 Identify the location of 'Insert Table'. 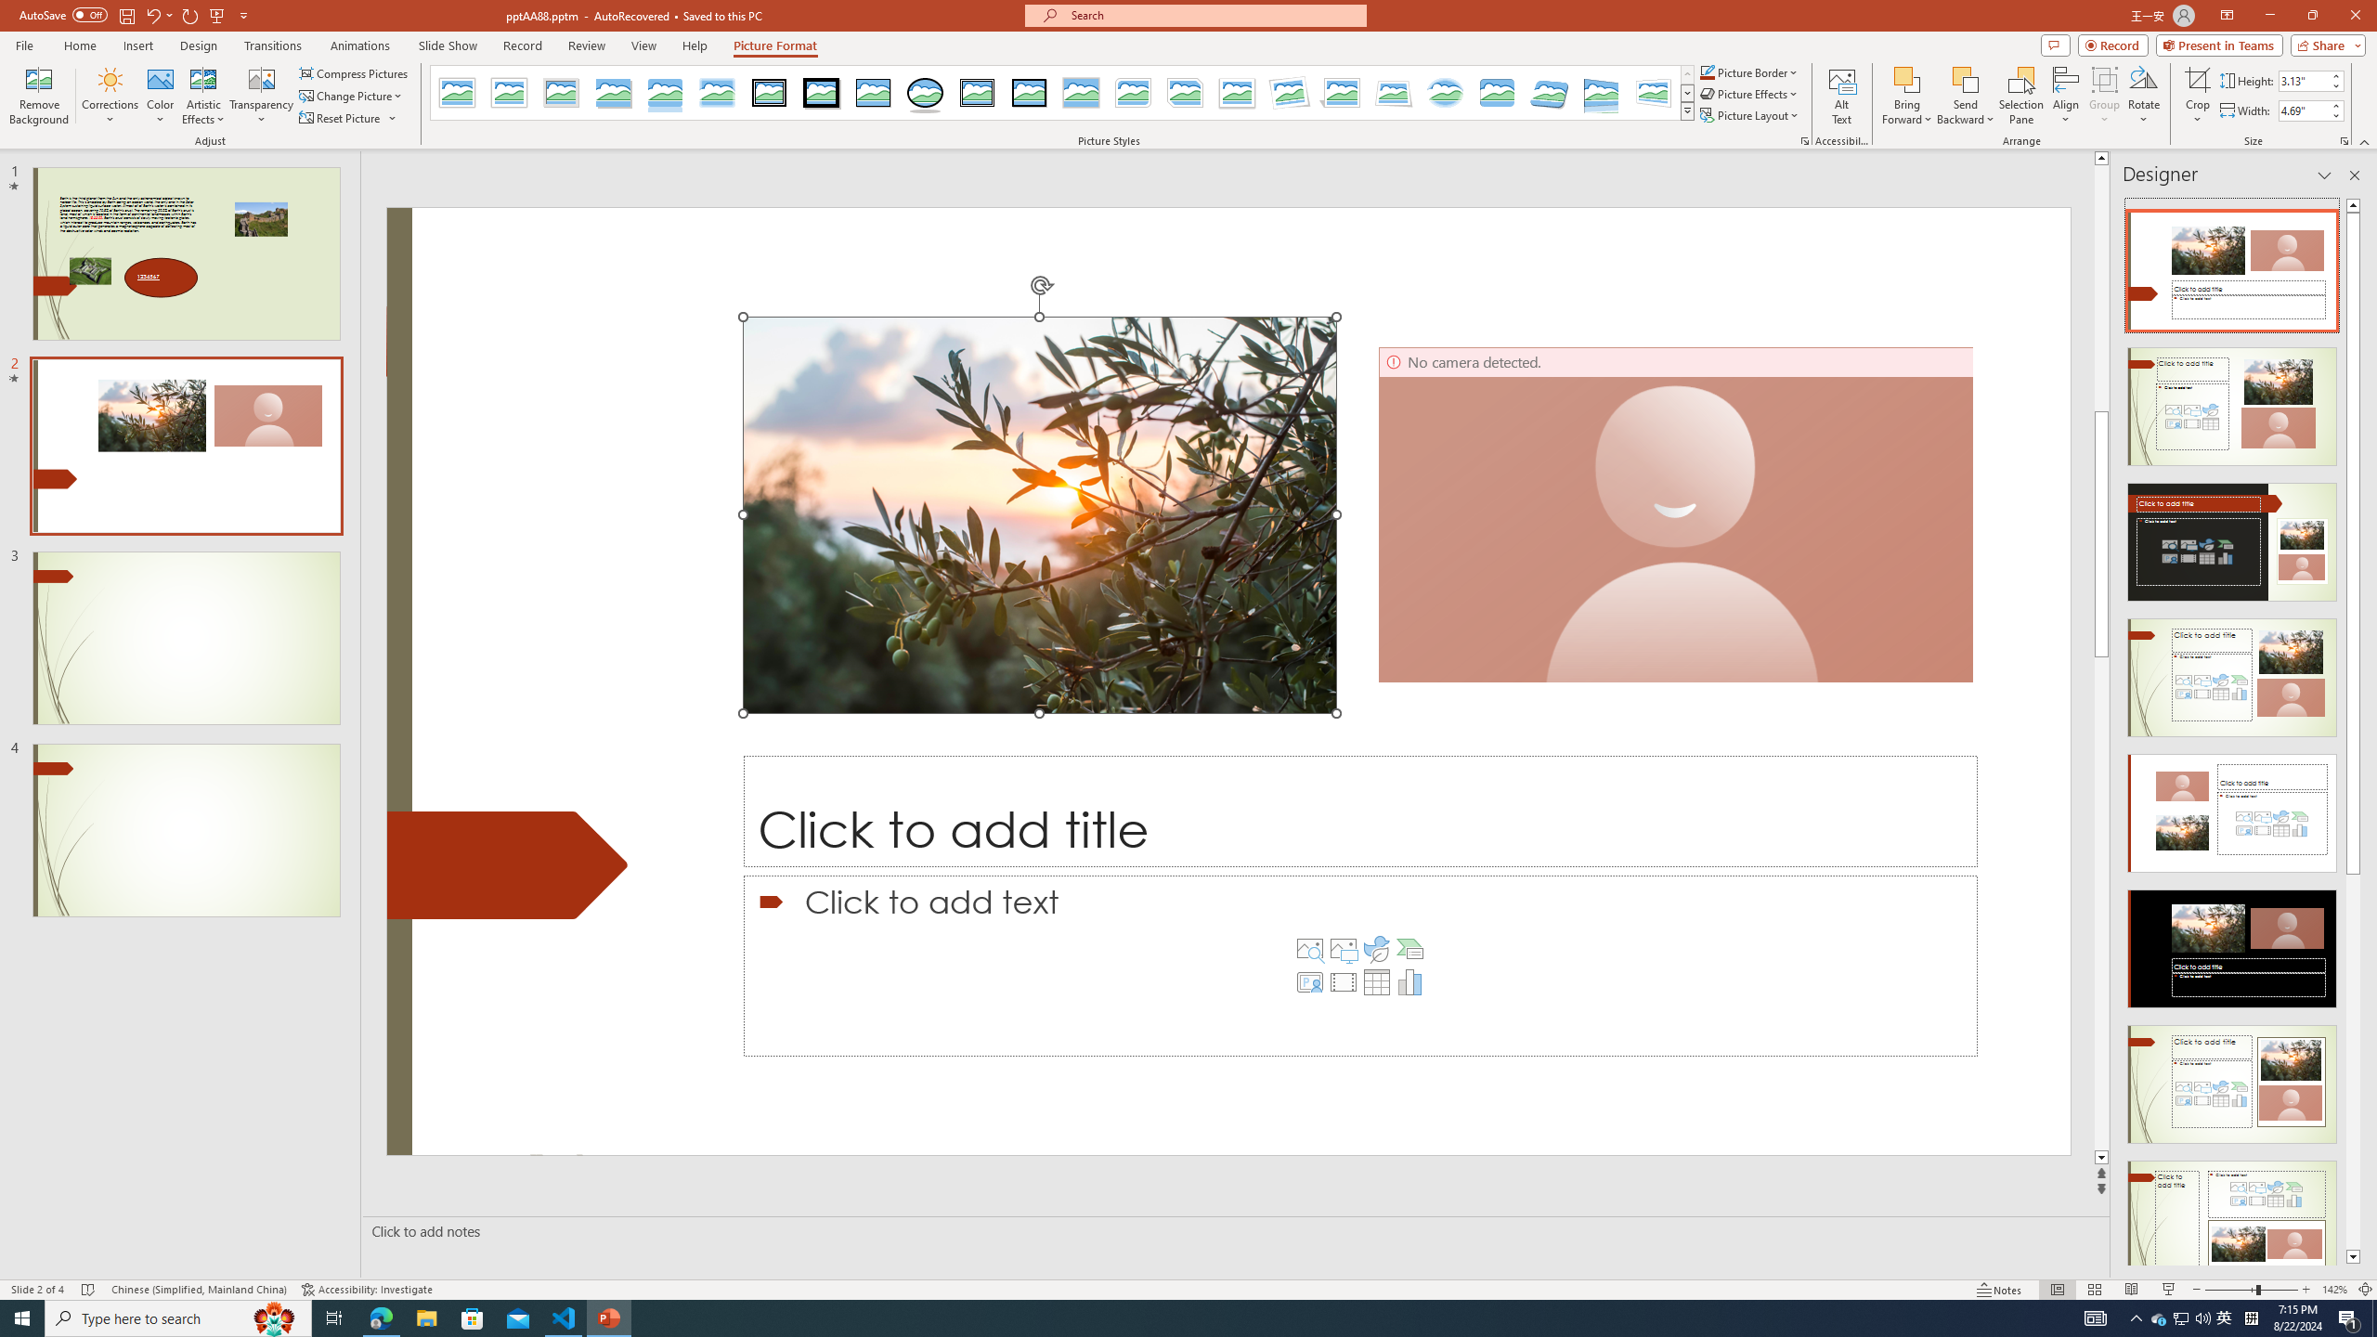
(1377, 981).